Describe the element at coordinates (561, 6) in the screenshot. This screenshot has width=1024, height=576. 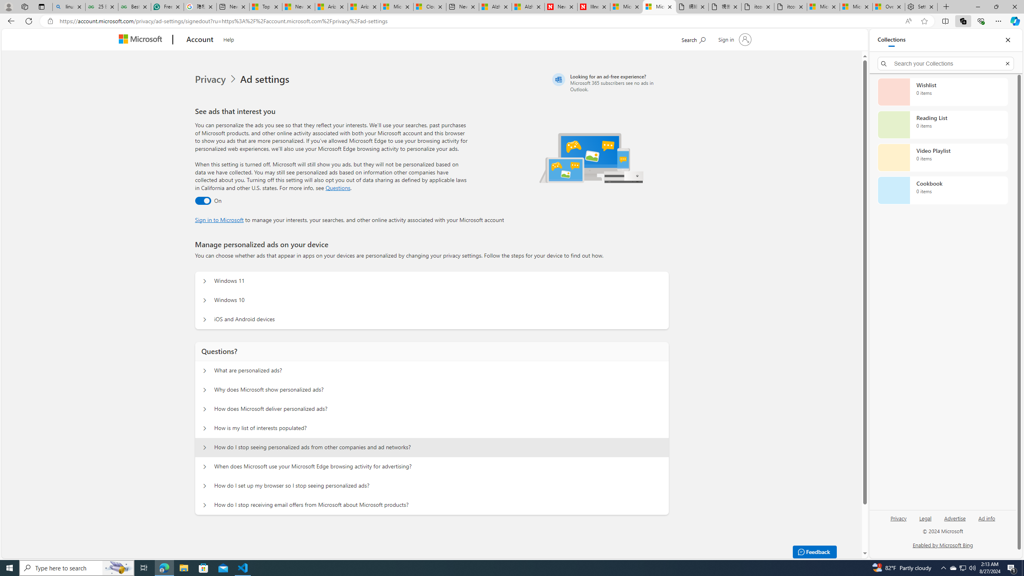
I see `'Newsweek - News, Analysis, Politics, Business, Technology'` at that location.